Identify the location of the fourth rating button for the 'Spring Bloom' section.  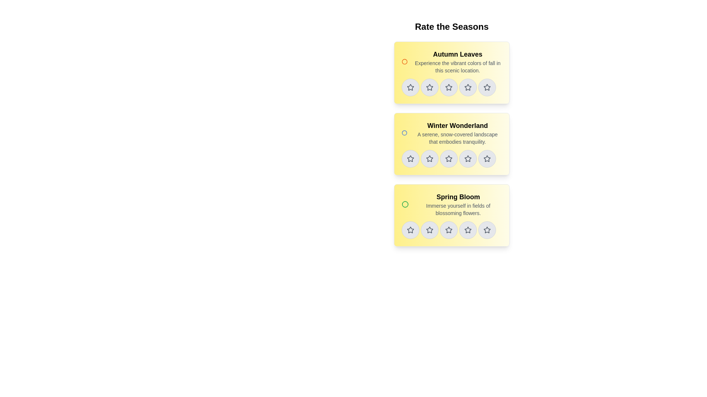
(468, 229).